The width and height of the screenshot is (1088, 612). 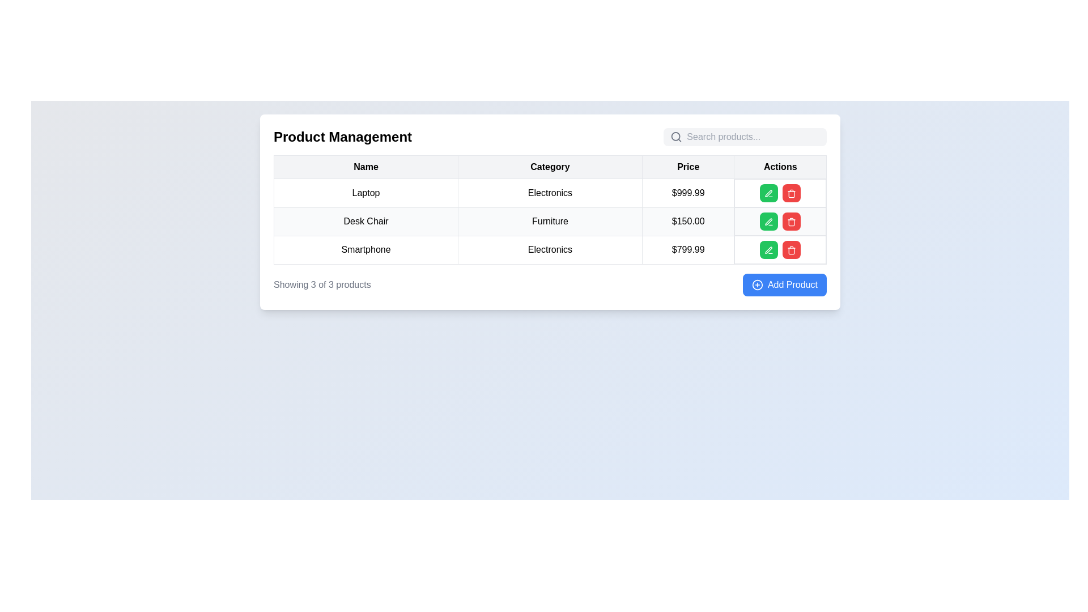 I want to click on the delete button located in the 'Actions' column of the third row in the data table, so click(x=791, y=221).